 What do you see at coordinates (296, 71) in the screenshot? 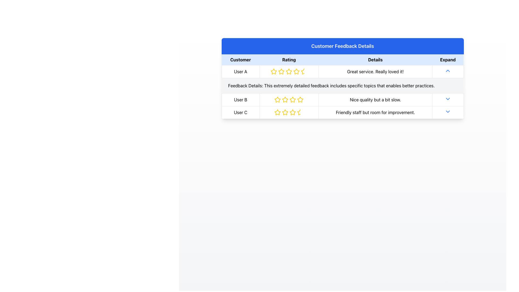
I see `the fourth star in the rating system for 'User A' located in the first row of the feedback table` at bounding box center [296, 71].